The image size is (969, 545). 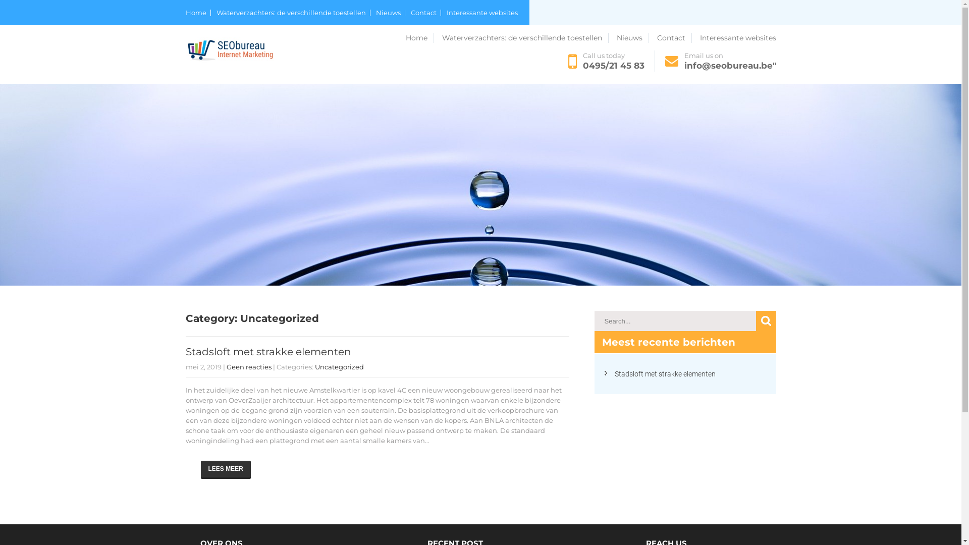 What do you see at coordinates (225, 469) in the screenshot?
I see `'LEES MEER'` at bounding box center [225, 469].